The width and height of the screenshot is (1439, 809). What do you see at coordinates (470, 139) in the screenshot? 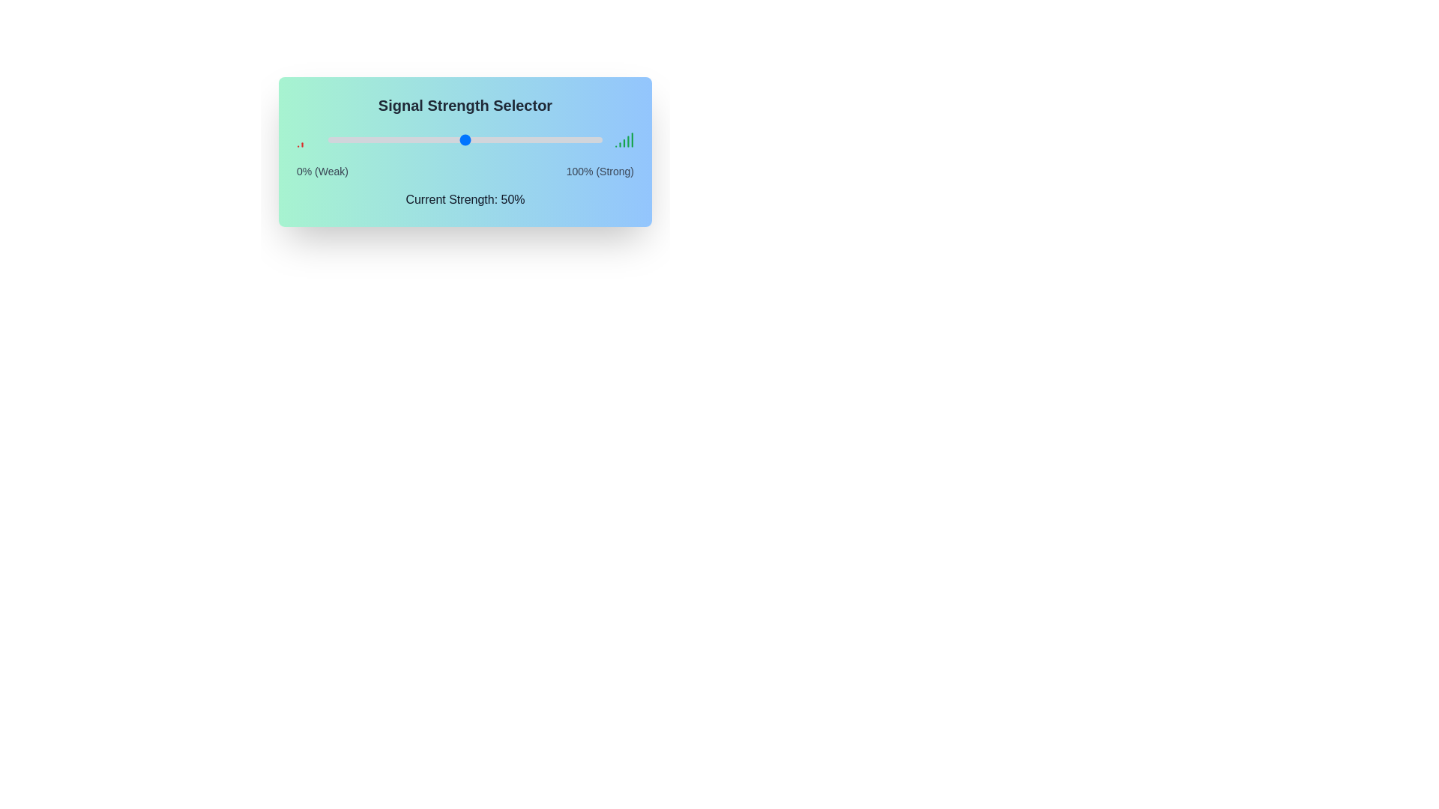
I see `the signal strength slider to 52% to observe the visual signal strength indicators` at bounding box center [470, 139].